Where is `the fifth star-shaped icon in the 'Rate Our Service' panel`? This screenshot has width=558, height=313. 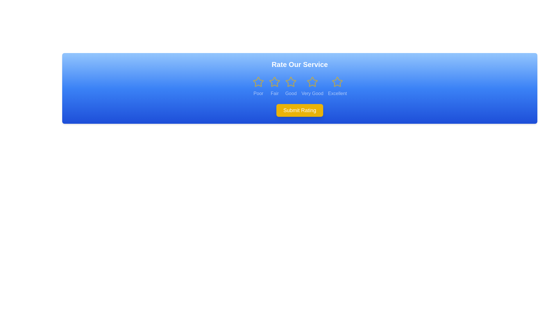 the fifth star-shaped icon in the 'Rate Our Service' panel is located at coordinates (337, 82).